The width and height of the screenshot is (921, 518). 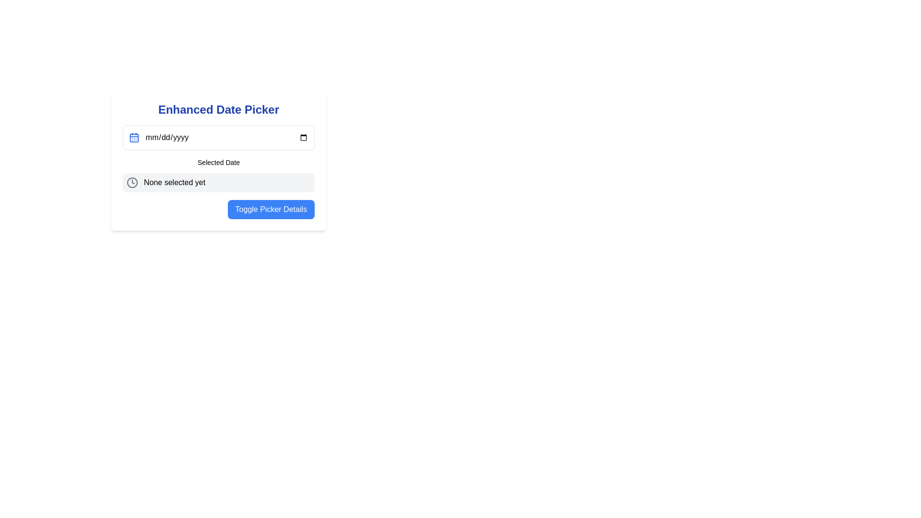 What do you see at coordinates (133, 138) in the screenshot?
I see `the main rounded rectangular component inside the calendar icon located to the left of the date input field` at bounding box center [133, 138].